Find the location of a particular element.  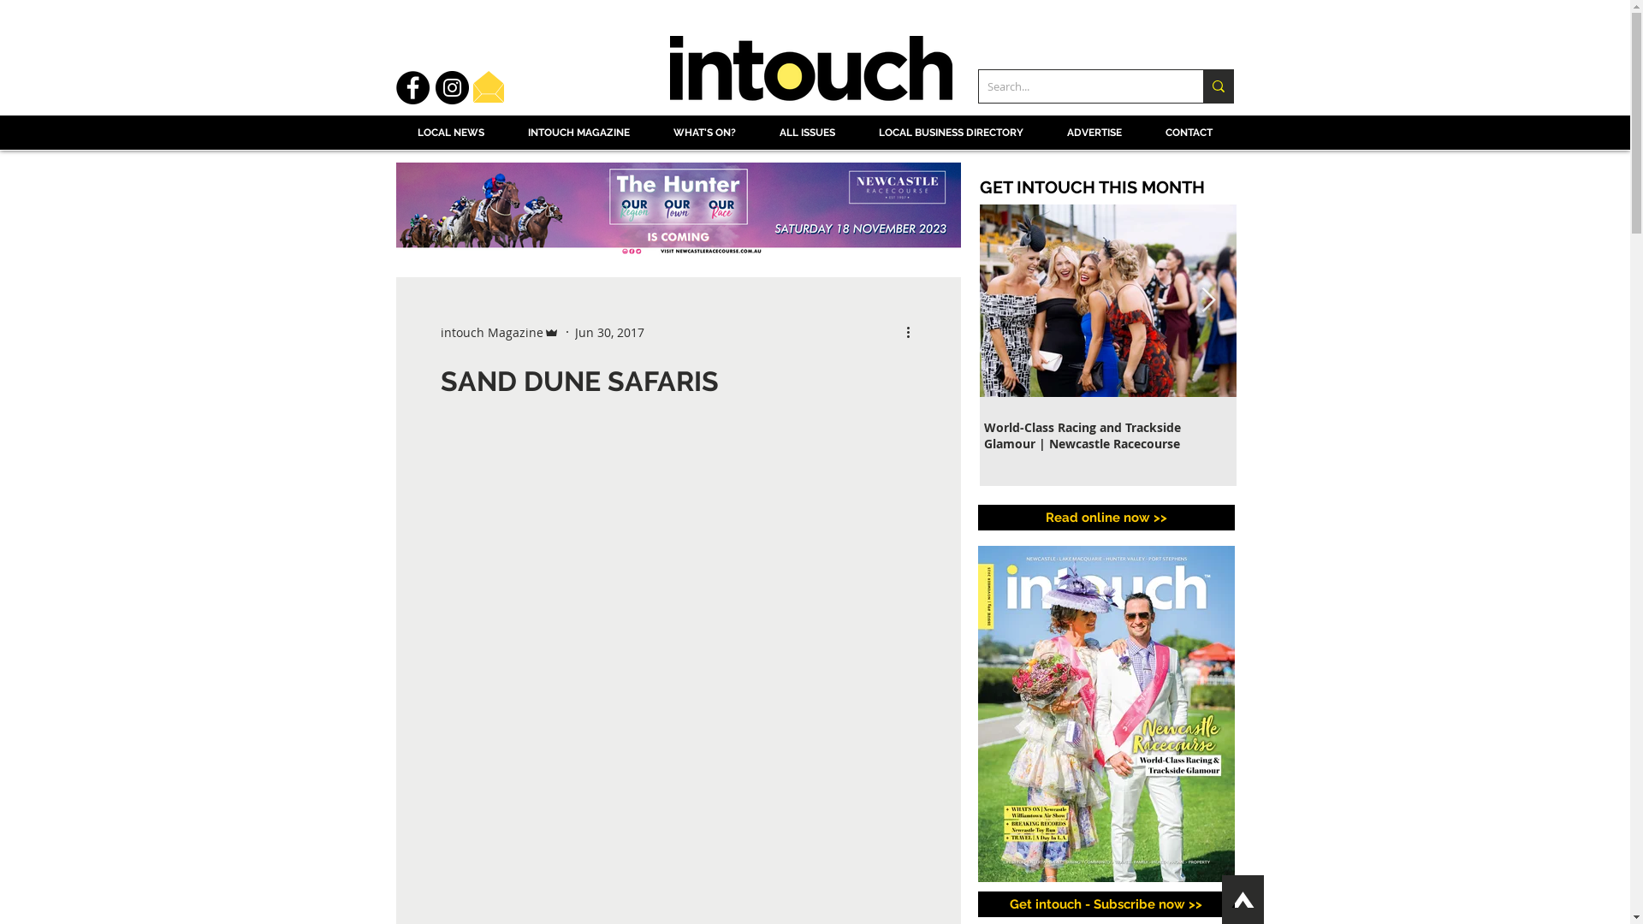

'Get intouch - Subscribe now >>' is located at coordinates (1105, 903).